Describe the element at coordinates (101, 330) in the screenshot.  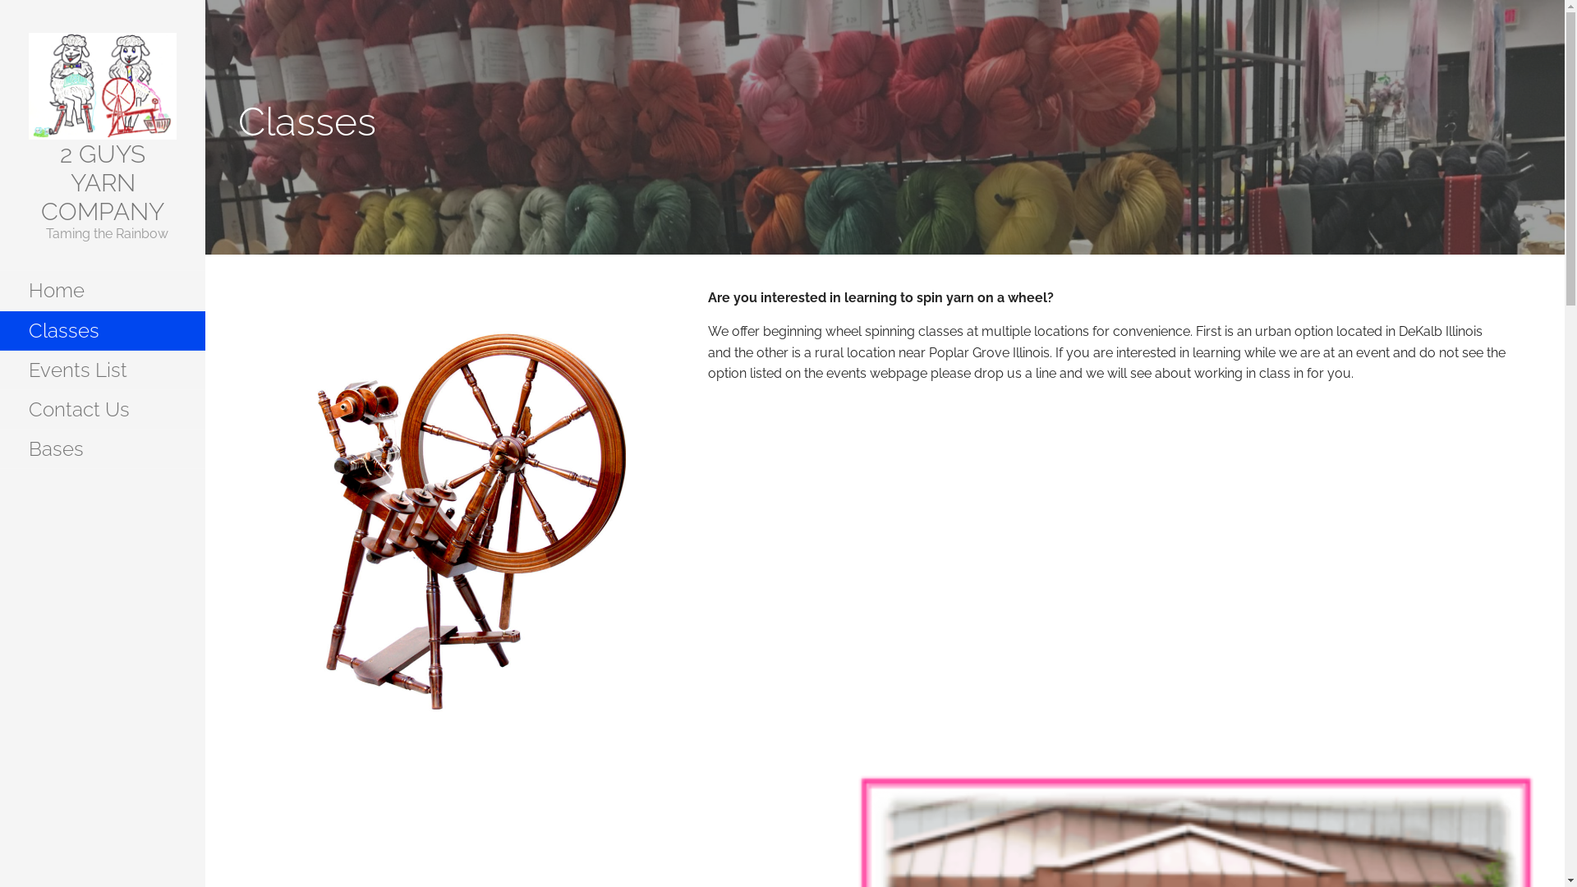
I see `'Classes'` at that location.